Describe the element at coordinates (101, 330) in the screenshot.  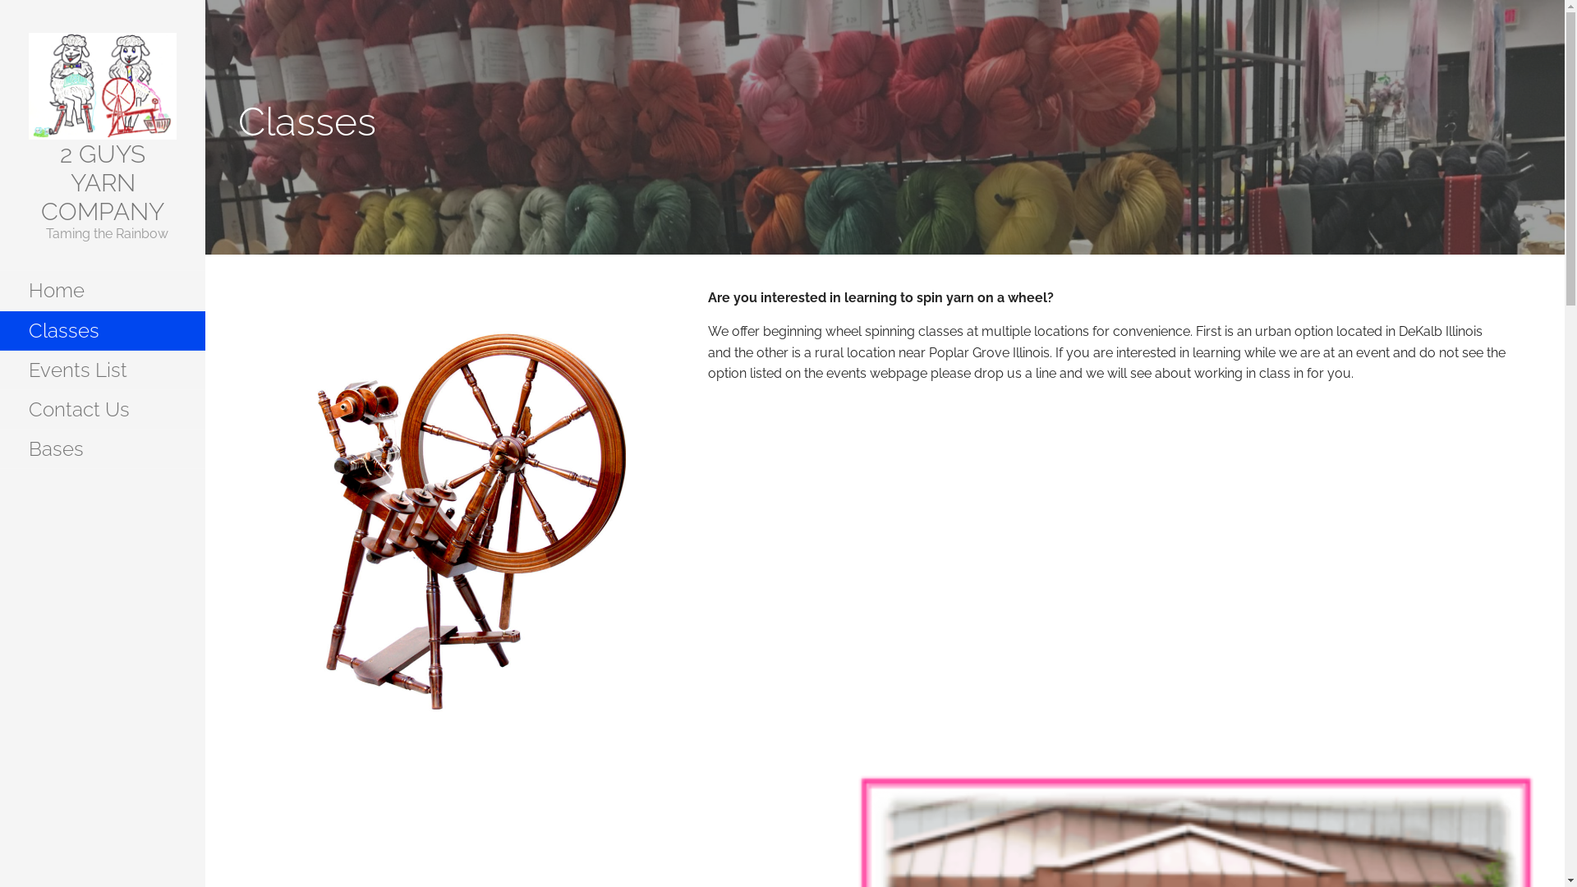
I see `'Classes'` at that location.